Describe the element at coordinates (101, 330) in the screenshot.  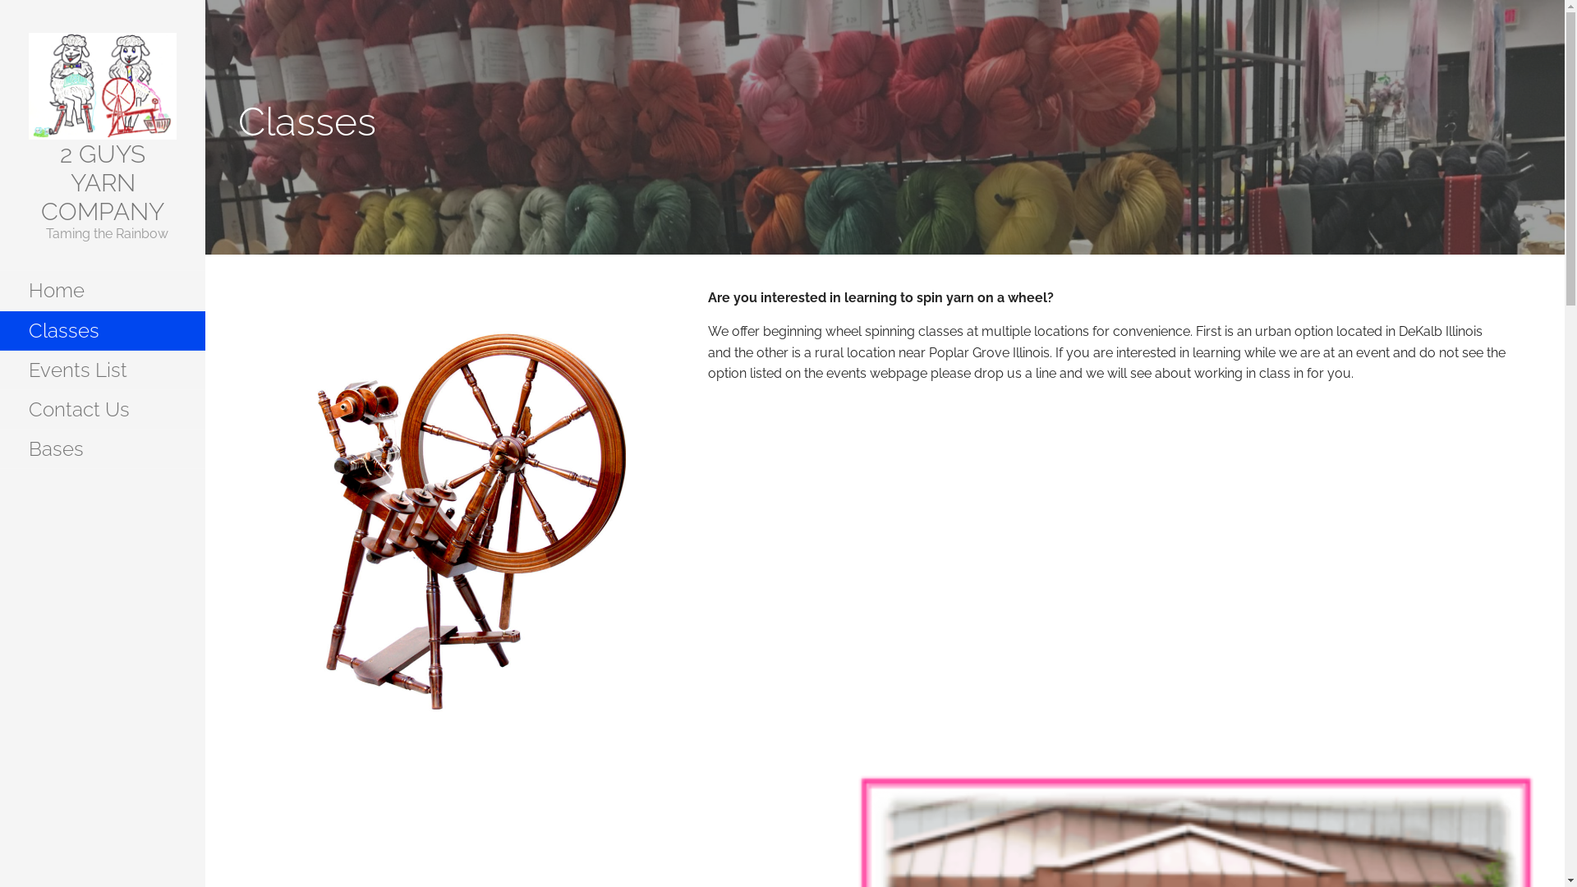
I see `'Classes'` at that location.